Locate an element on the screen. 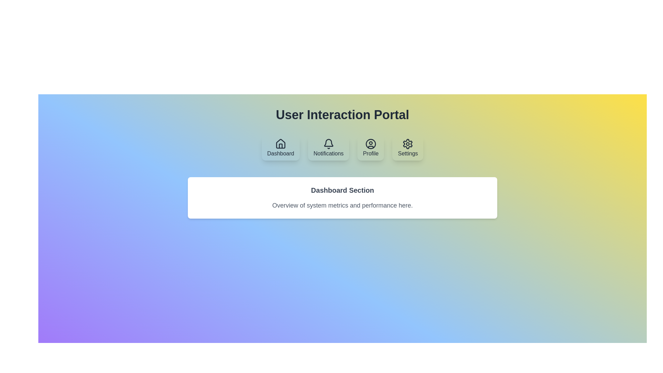 Image resolution: width=663 pixels, height=373 pixels. the tab labeled Settings to display its content is located at coordinates (407, 147).